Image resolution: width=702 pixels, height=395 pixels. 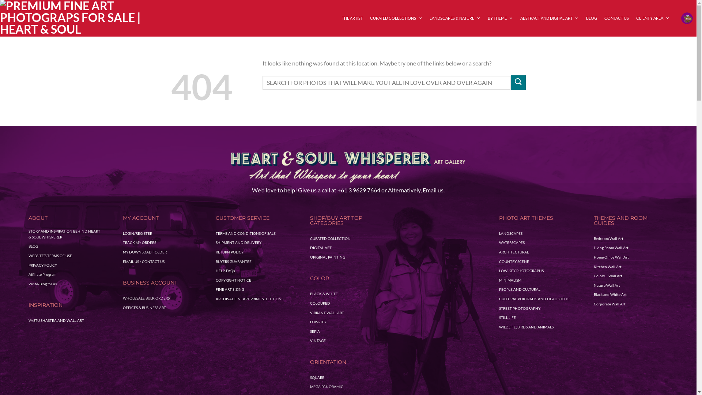 What do you see at coordinates (42, 265) in the screenshot?
I see `'PRIVACY POLICY'` at bounding box center [42, 265].